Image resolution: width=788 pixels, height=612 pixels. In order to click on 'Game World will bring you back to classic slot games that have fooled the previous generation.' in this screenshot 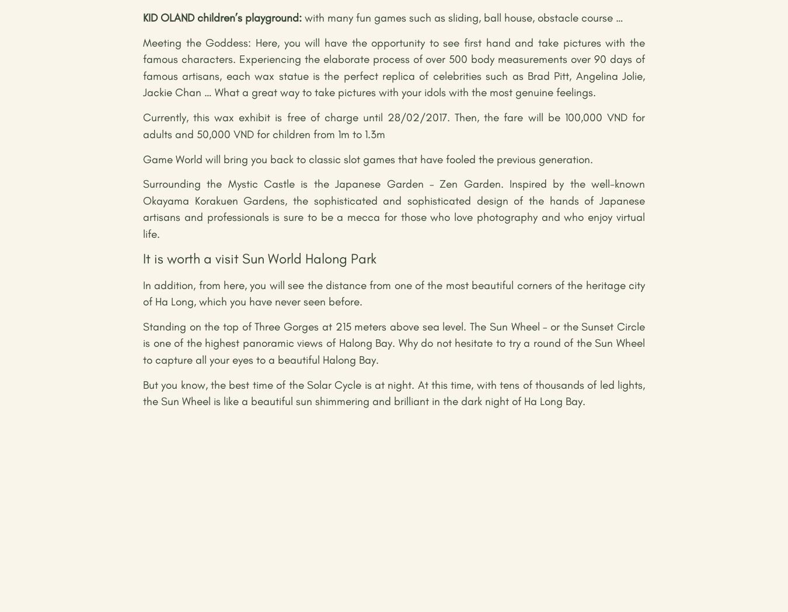, I will do `click(368, 159)`.